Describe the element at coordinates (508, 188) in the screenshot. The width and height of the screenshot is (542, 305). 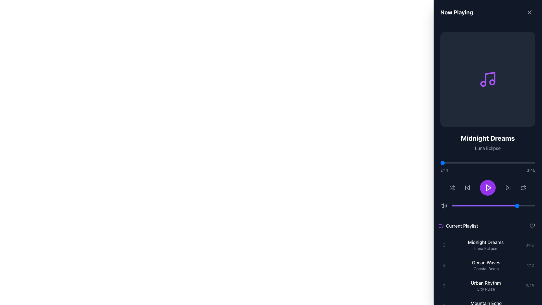
I see `the 'next' button located at the bottom center of the audio control interface` at that location.